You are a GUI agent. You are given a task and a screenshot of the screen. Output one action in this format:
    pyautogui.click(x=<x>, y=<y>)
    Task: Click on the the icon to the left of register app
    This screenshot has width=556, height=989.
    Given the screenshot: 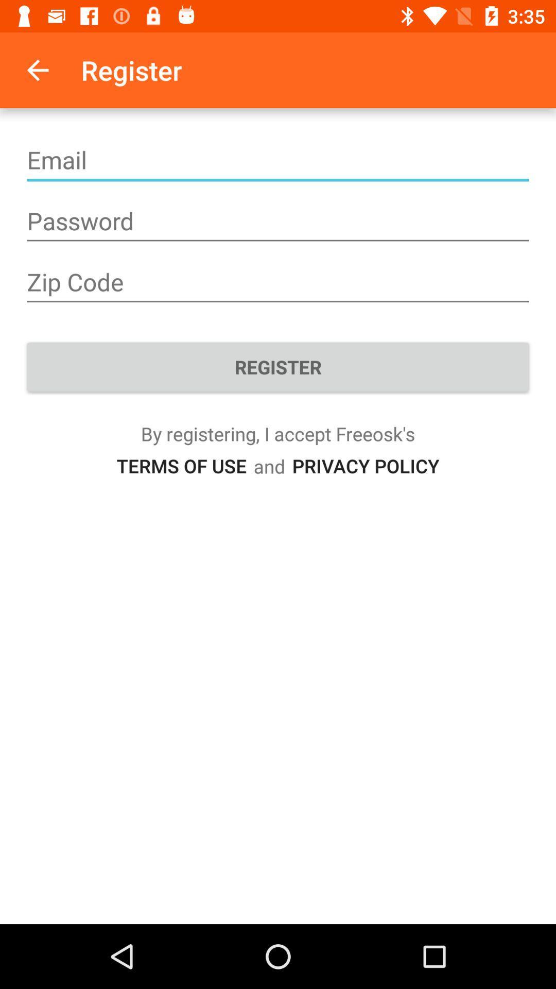 What is the action you would take?
    pyautogui.click(x=37, y=70)
    